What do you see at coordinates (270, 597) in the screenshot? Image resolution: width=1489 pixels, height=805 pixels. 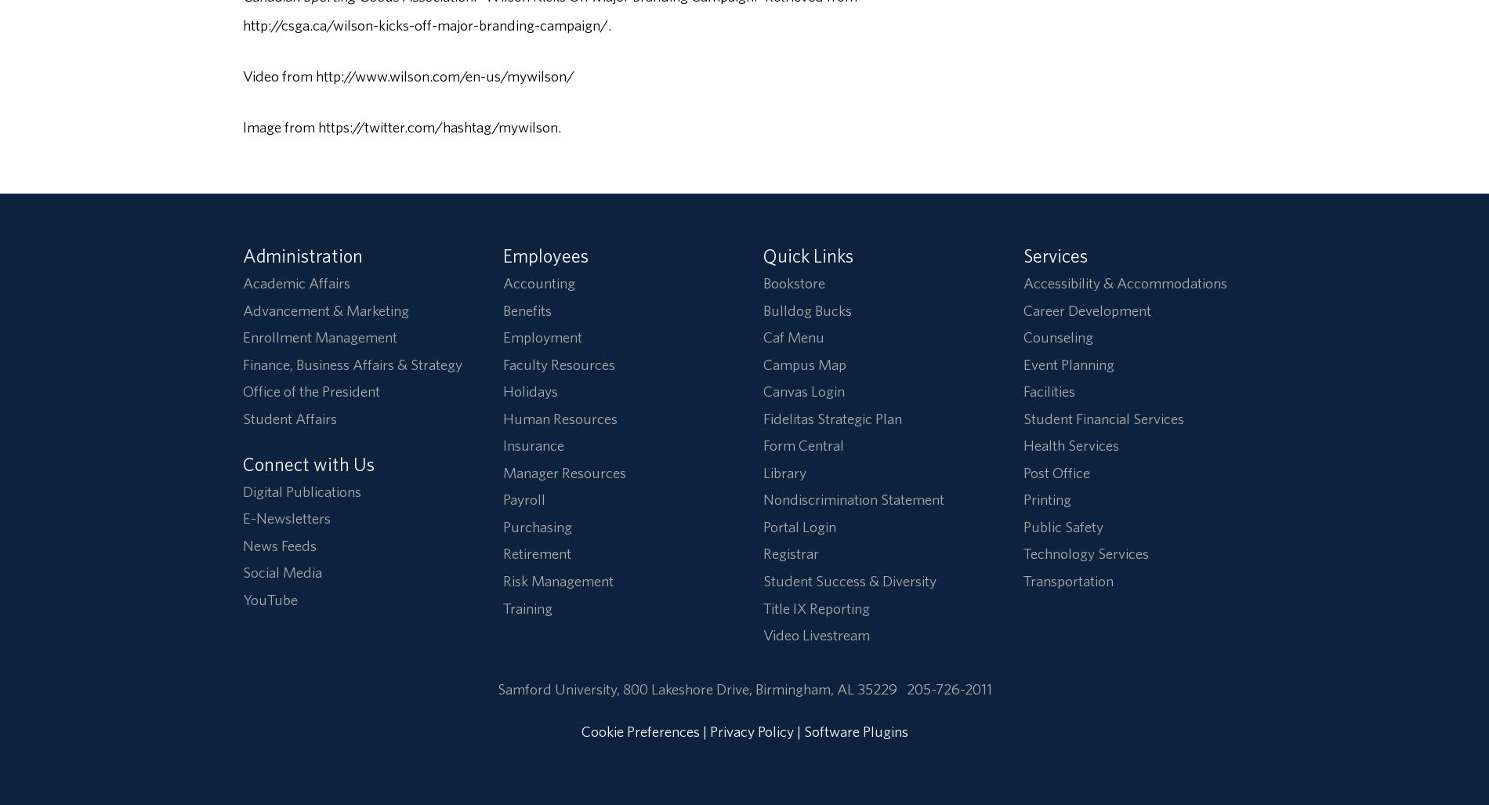 I see `'YouTube'` at bounding box center [270, 597].